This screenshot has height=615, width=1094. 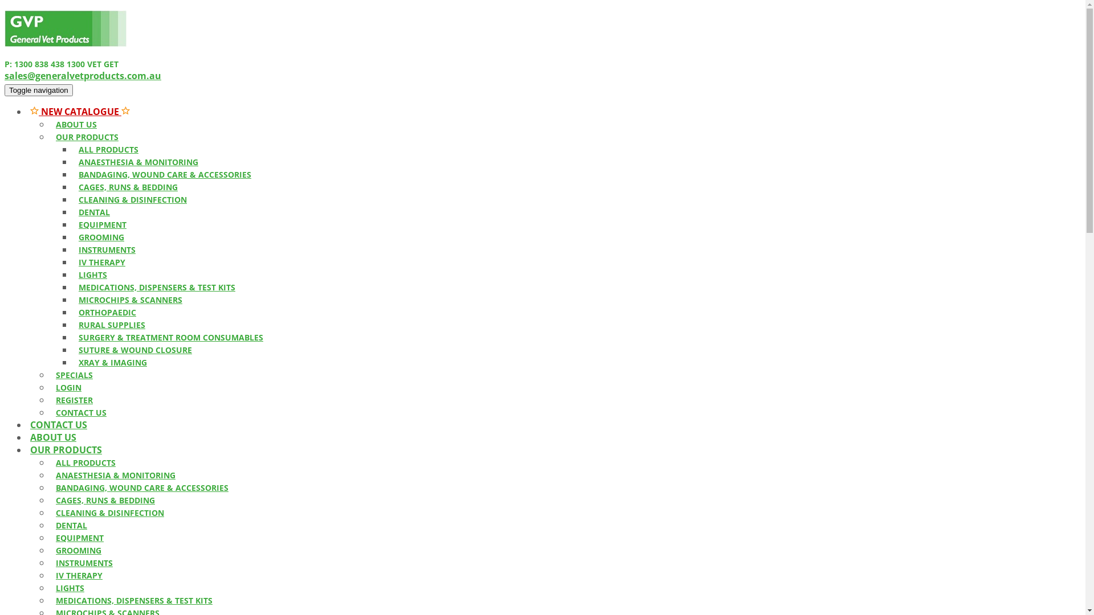 I want to click on 'CAGES, RUNS & BEDDING', so click(x=105, y=499).